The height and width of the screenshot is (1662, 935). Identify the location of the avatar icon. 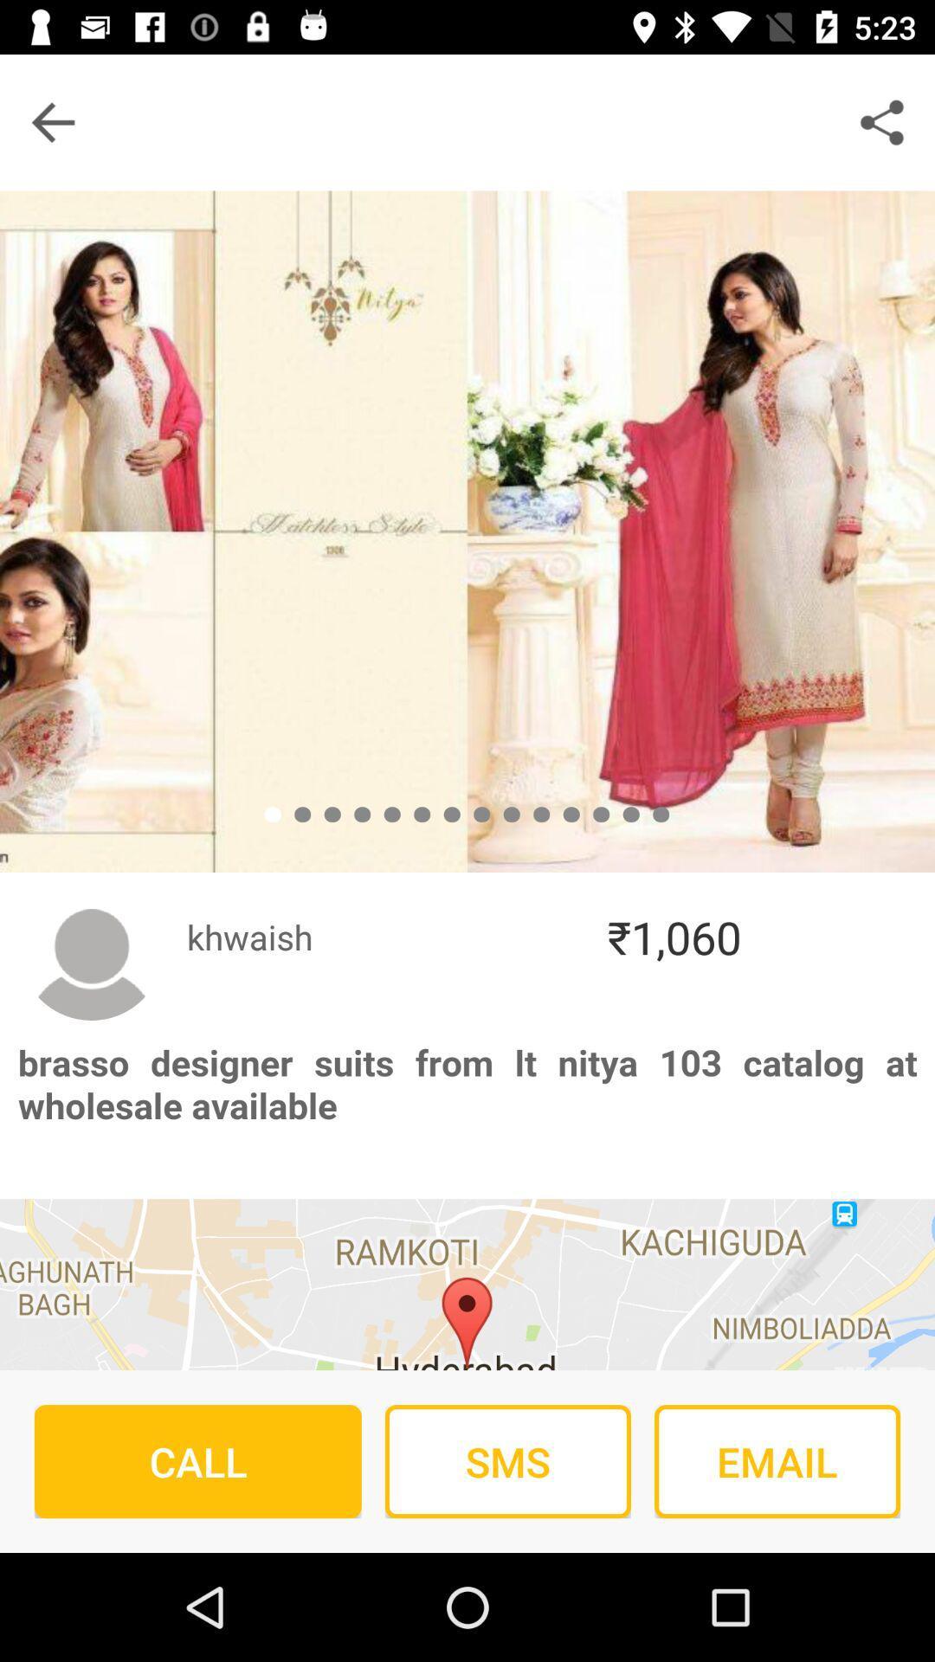
(93, 947).